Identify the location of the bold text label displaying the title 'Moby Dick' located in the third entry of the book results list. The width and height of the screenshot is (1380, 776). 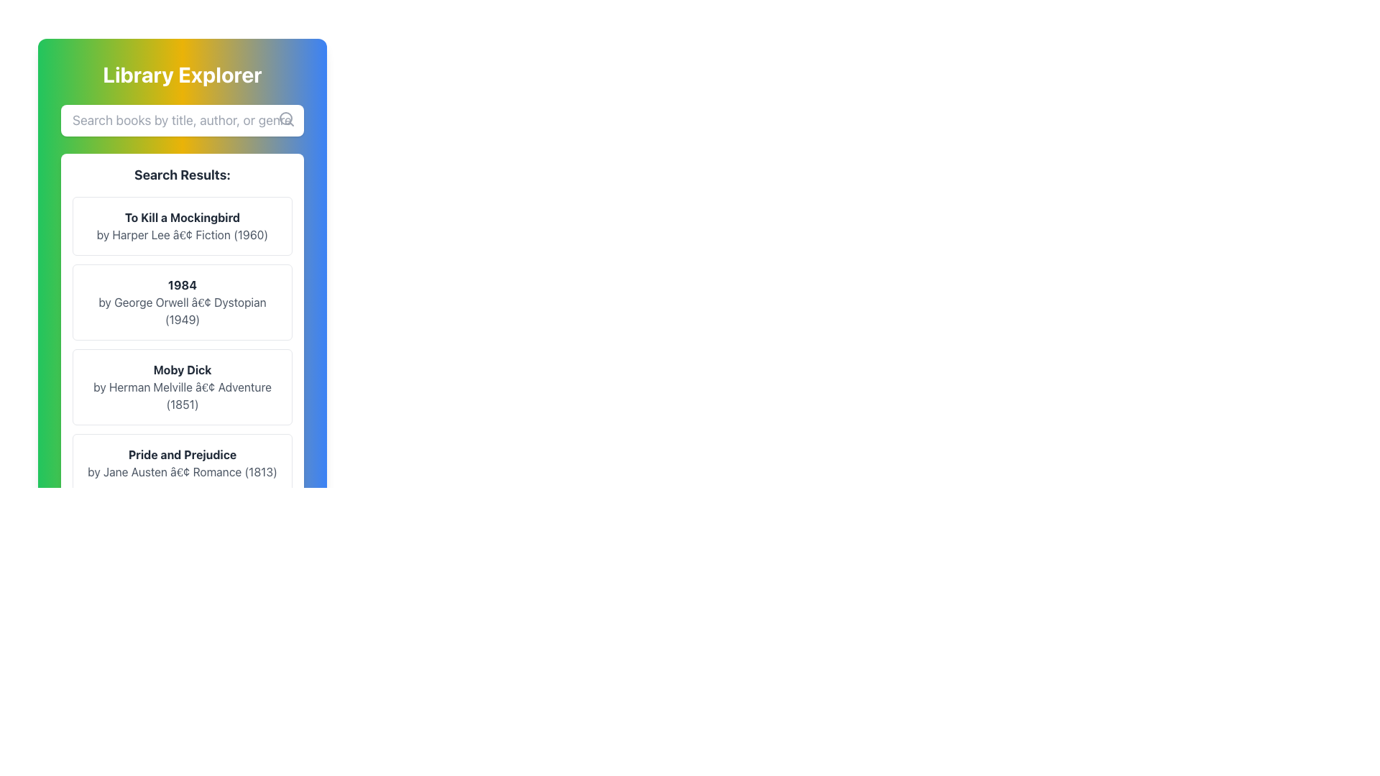
(182, 369).